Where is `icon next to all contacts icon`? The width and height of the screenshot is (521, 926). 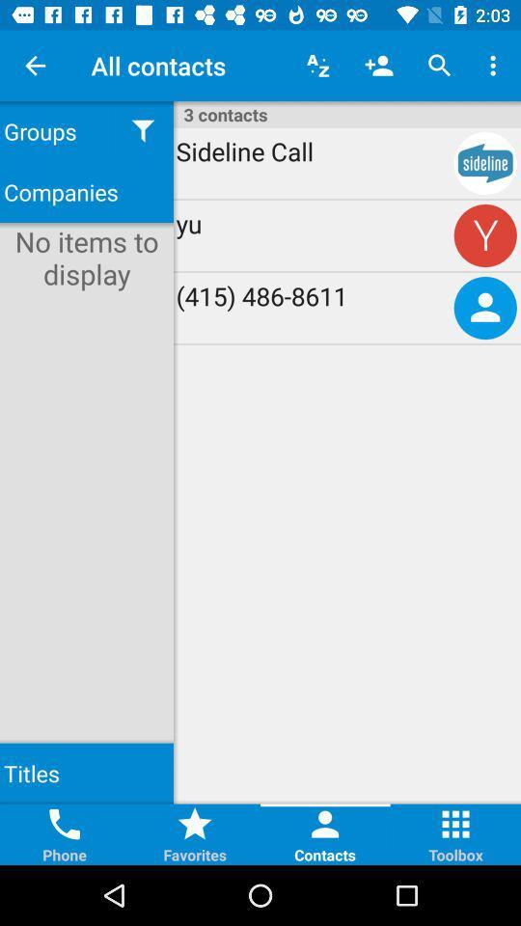
icon next to all contacts icon is located at coordinates (317, 66).